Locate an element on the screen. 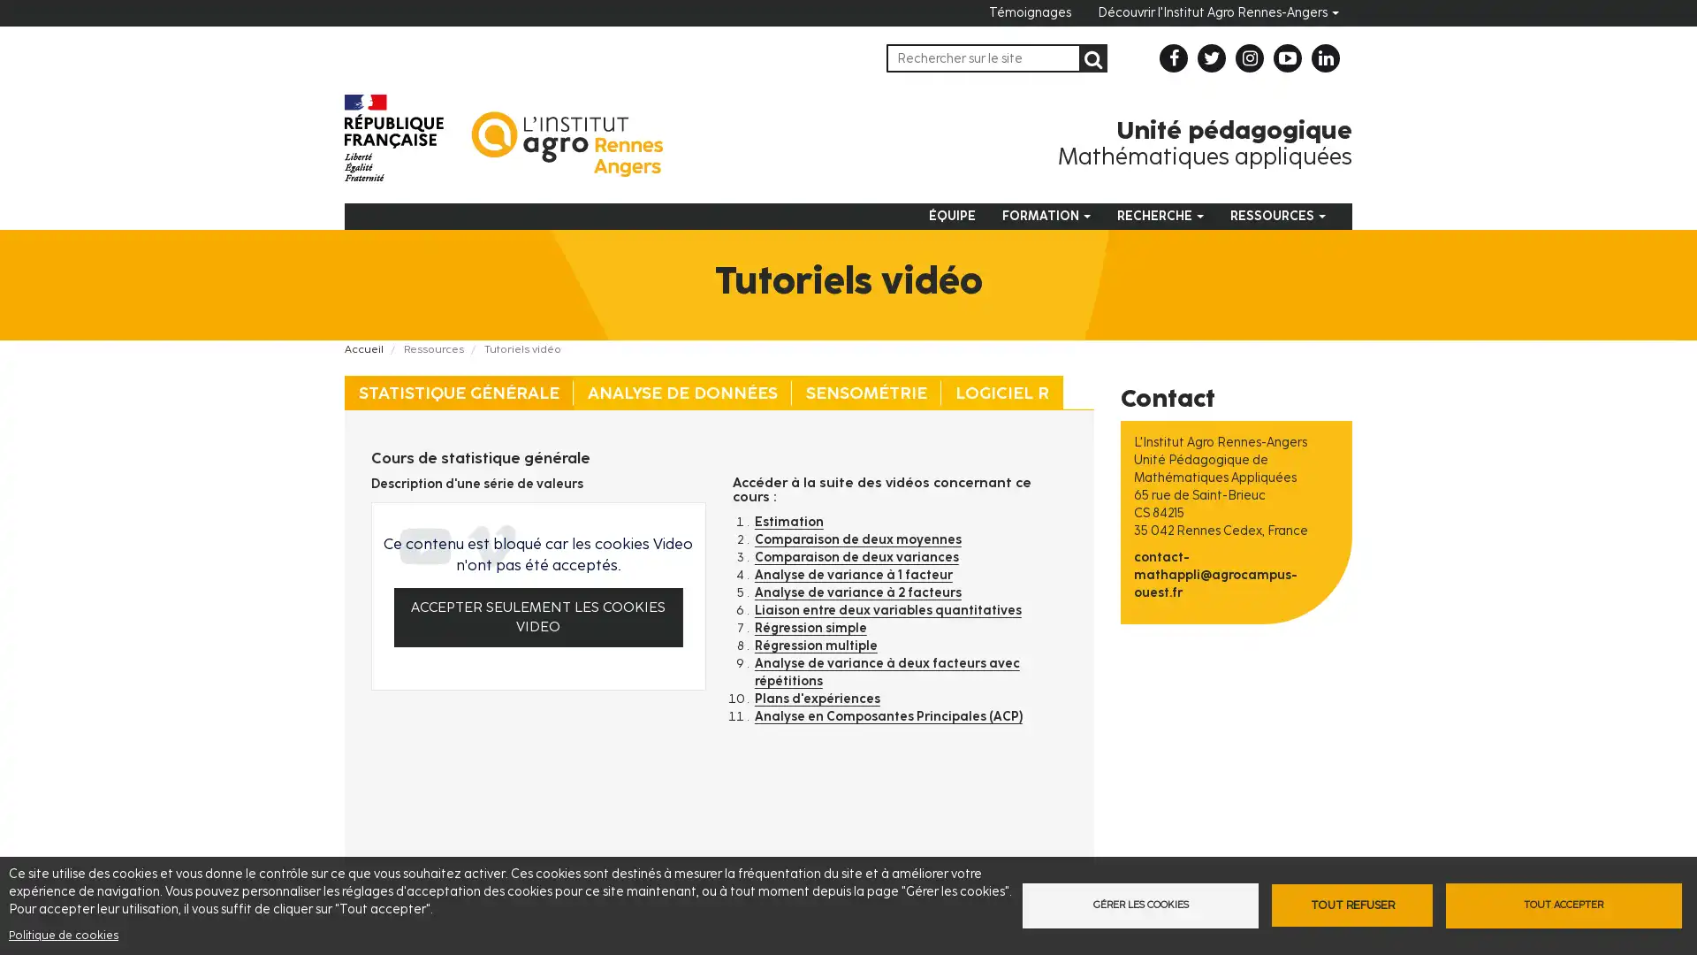  TOUT ACCEPTER is located at coordinates (1565, 905).